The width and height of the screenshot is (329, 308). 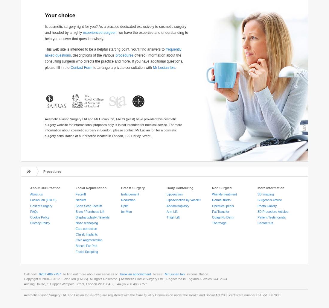 I want to click on 'procedures', so click(x=124, y=55).